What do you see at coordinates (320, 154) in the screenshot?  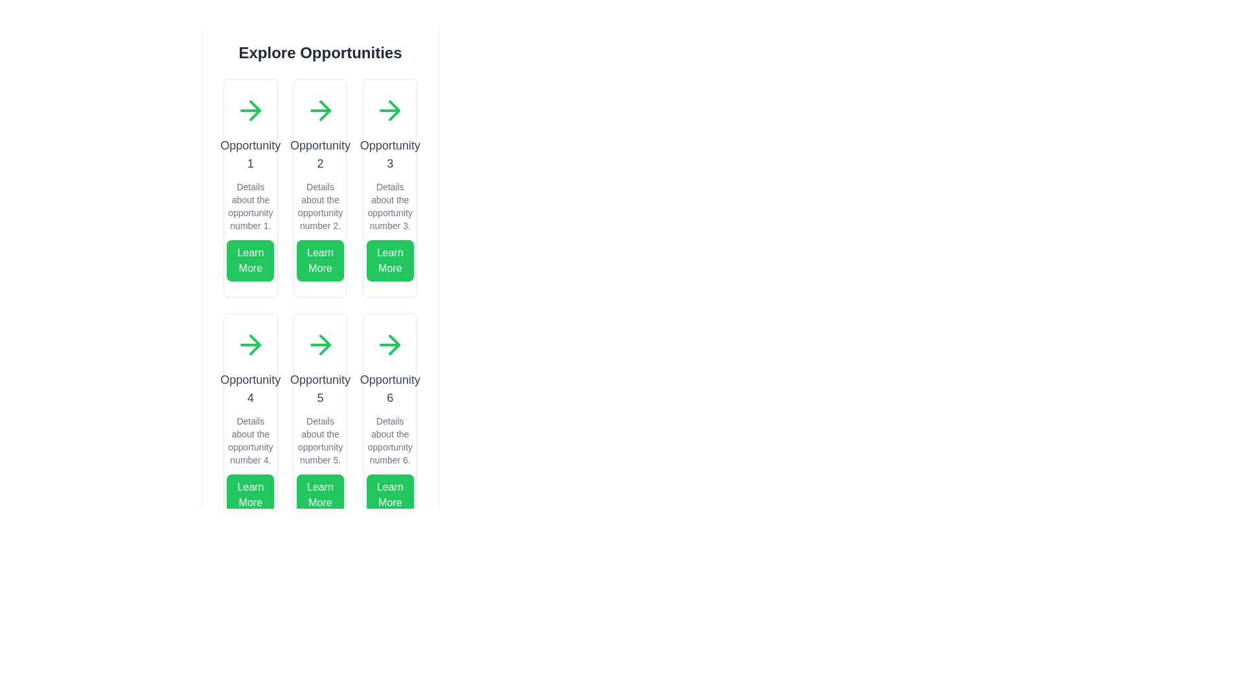 I see `the text element displaying 'Opportunity 2', which is styled in medium-gray color and centered in the second column of a grid layout` at bounding box center [320, 154].